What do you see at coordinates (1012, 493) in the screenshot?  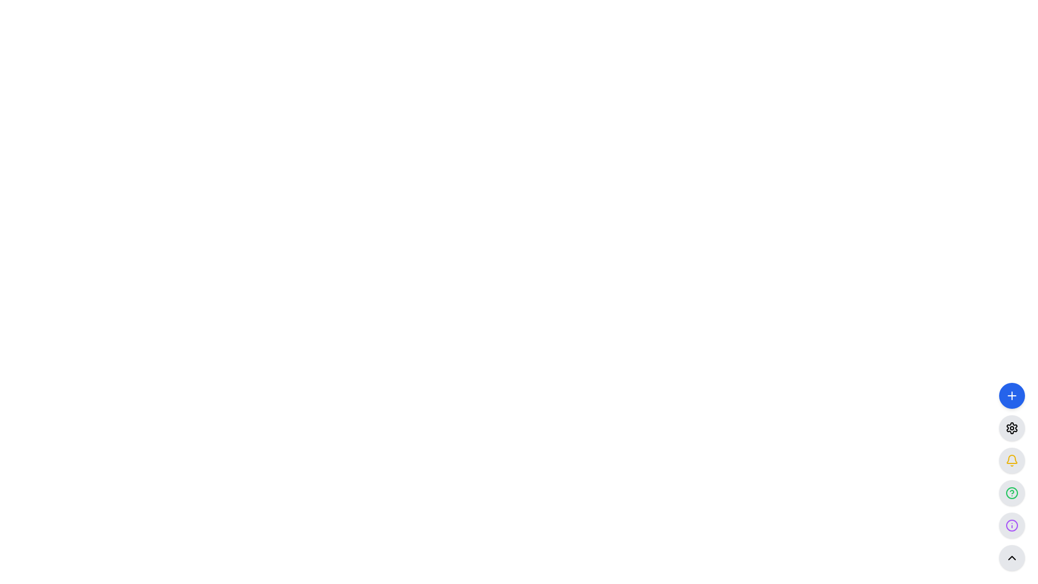 I see `the fourth circular button from the top on the right side of the interface` at bounding box center [1012, 493].